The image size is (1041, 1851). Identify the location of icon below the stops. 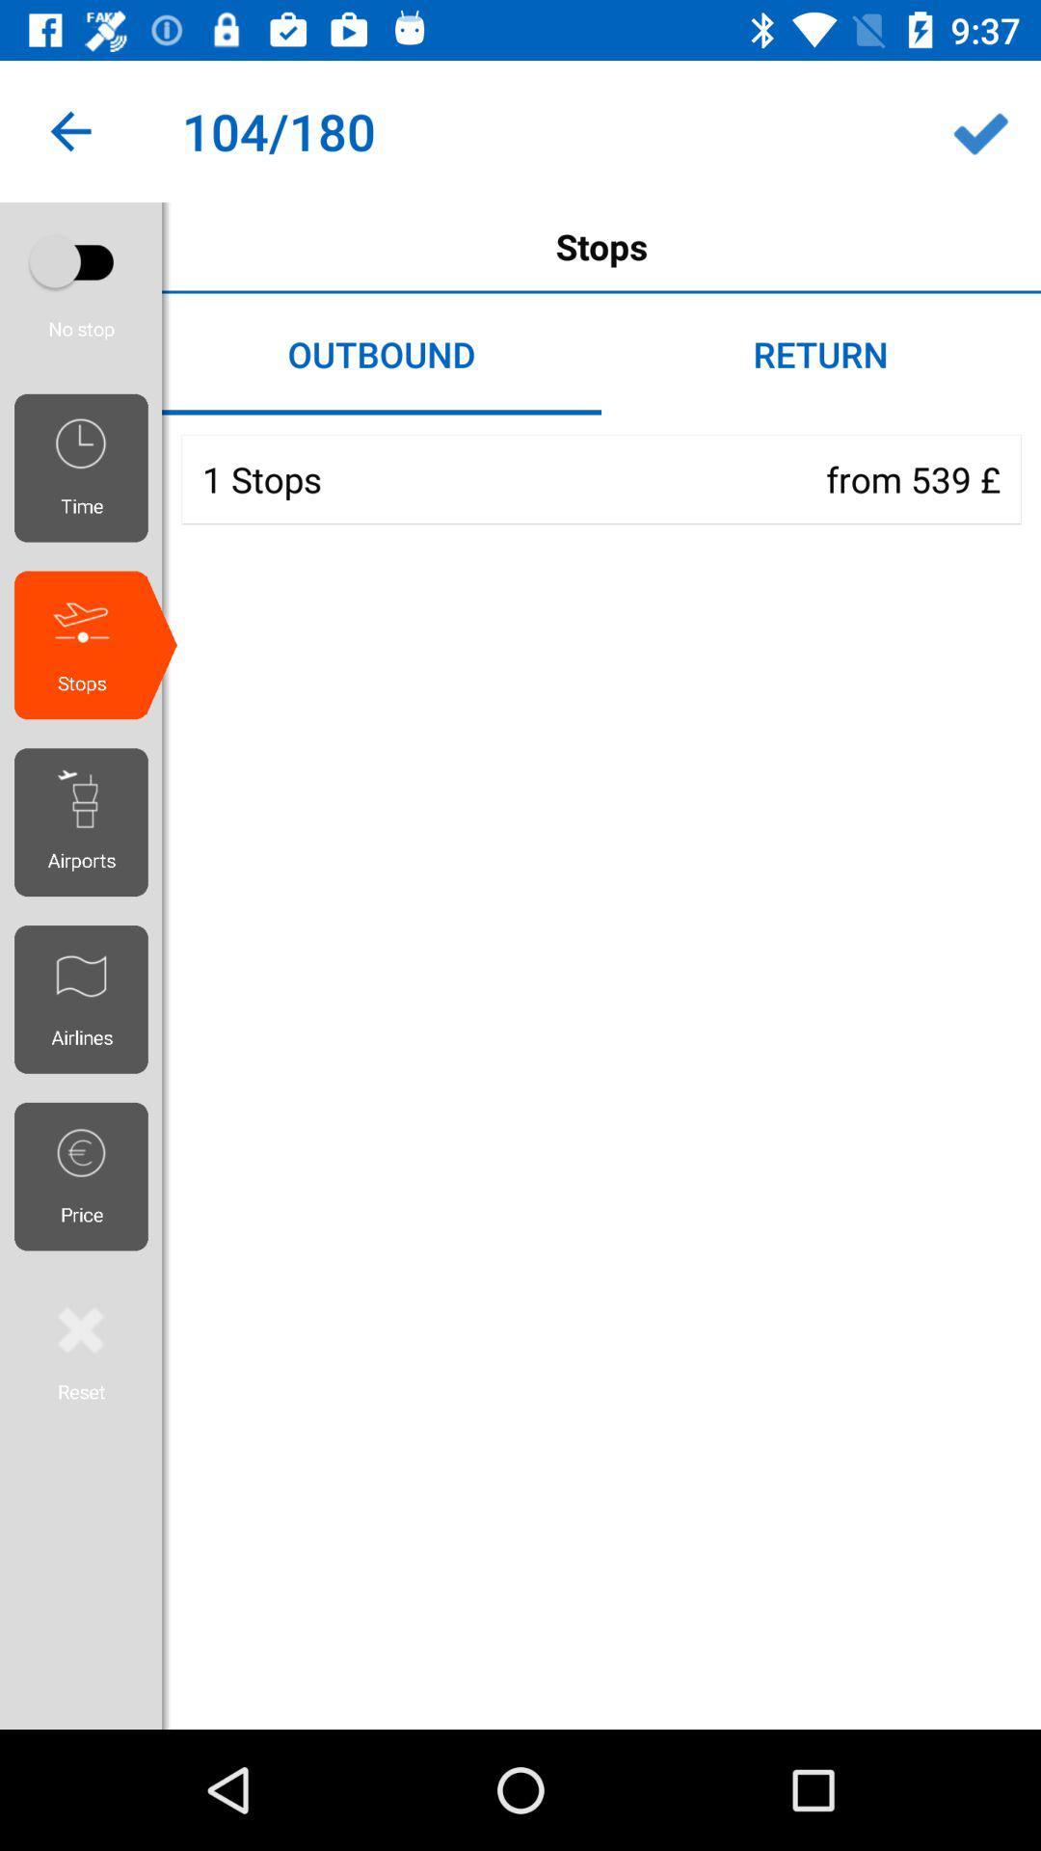
(88, 822).